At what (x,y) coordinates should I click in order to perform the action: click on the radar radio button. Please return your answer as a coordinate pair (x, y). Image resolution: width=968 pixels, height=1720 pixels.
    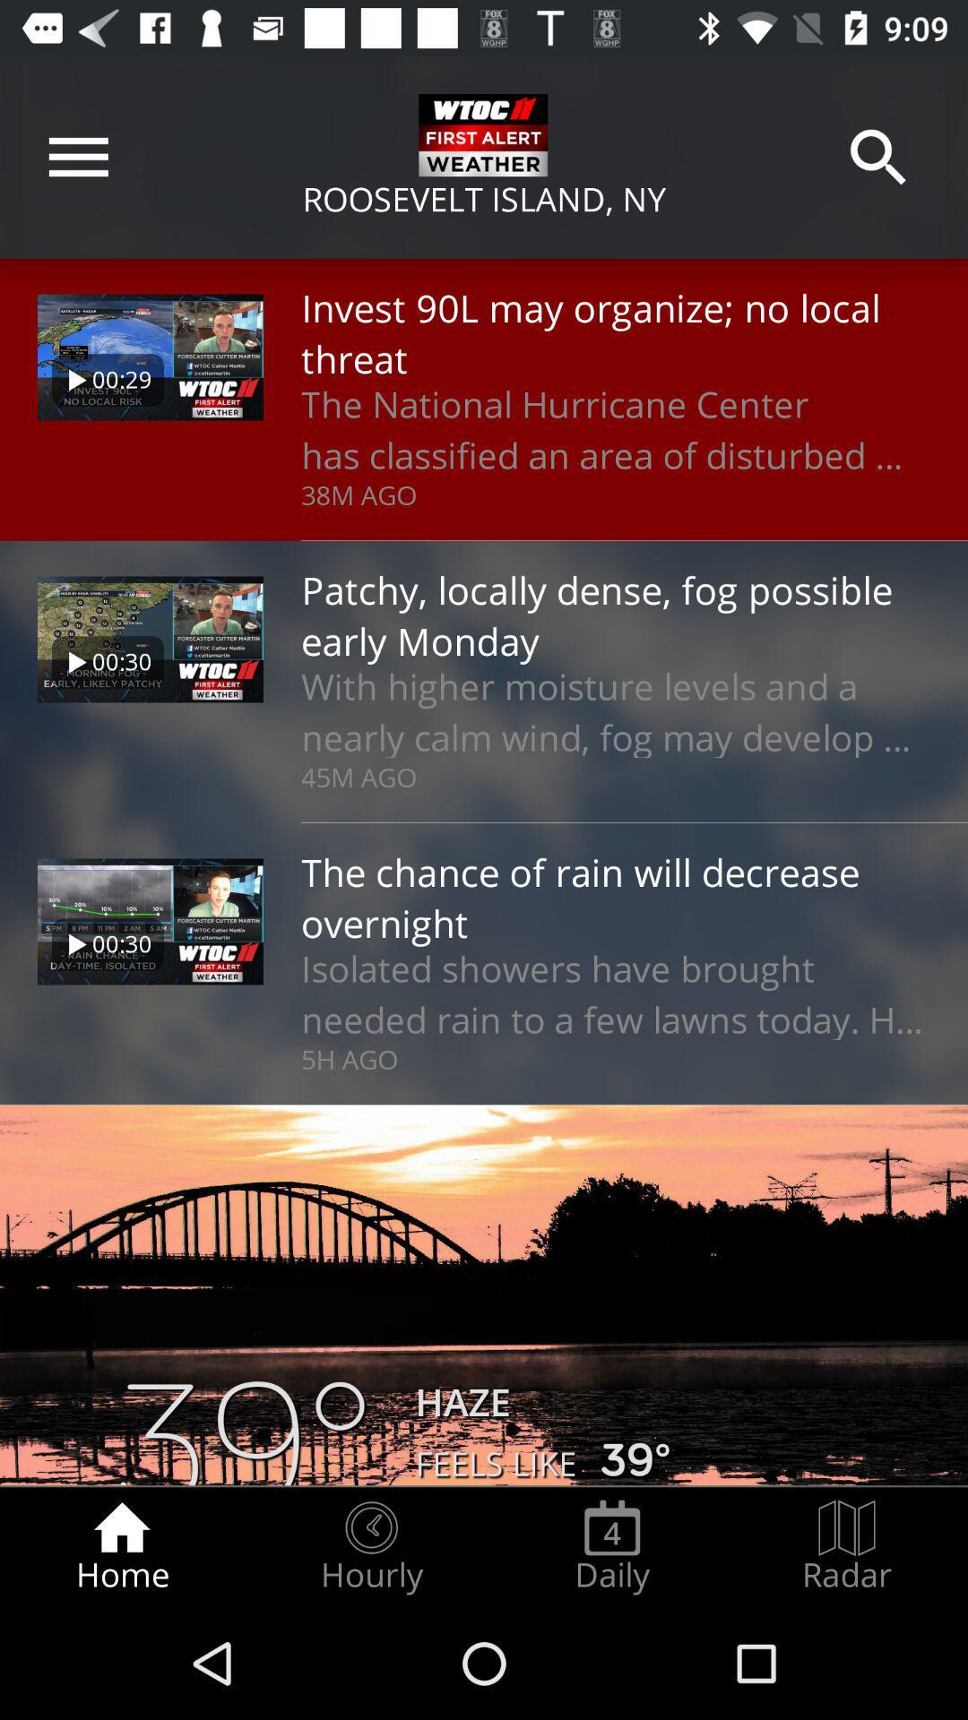
    Looking at the image, I should click on (847, 1546).